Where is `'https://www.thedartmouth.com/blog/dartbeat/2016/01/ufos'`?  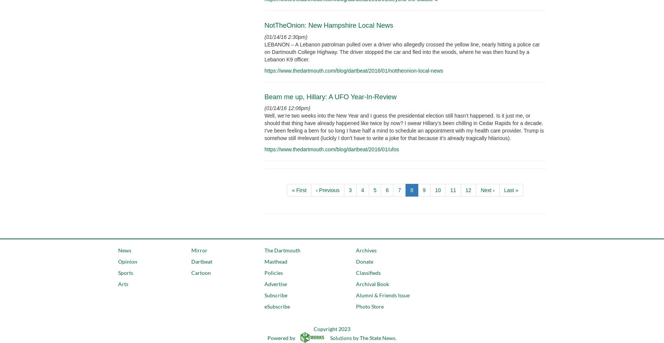 'https://www.thedartmouth.com/blog/dartbeat/2016/01/ufos' is located at coordinates (331, 149).